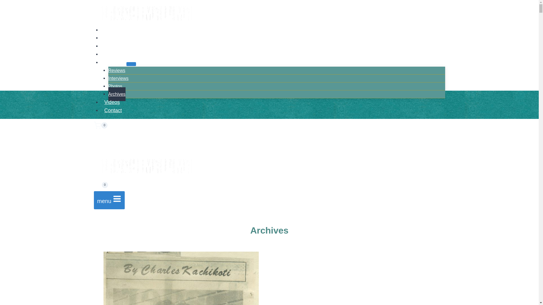 Image resolution: width=543 pixels, height=305 pixels. Describe the element at coordinates (109, 200) in the screenshot. I see `'menu'` at that location.